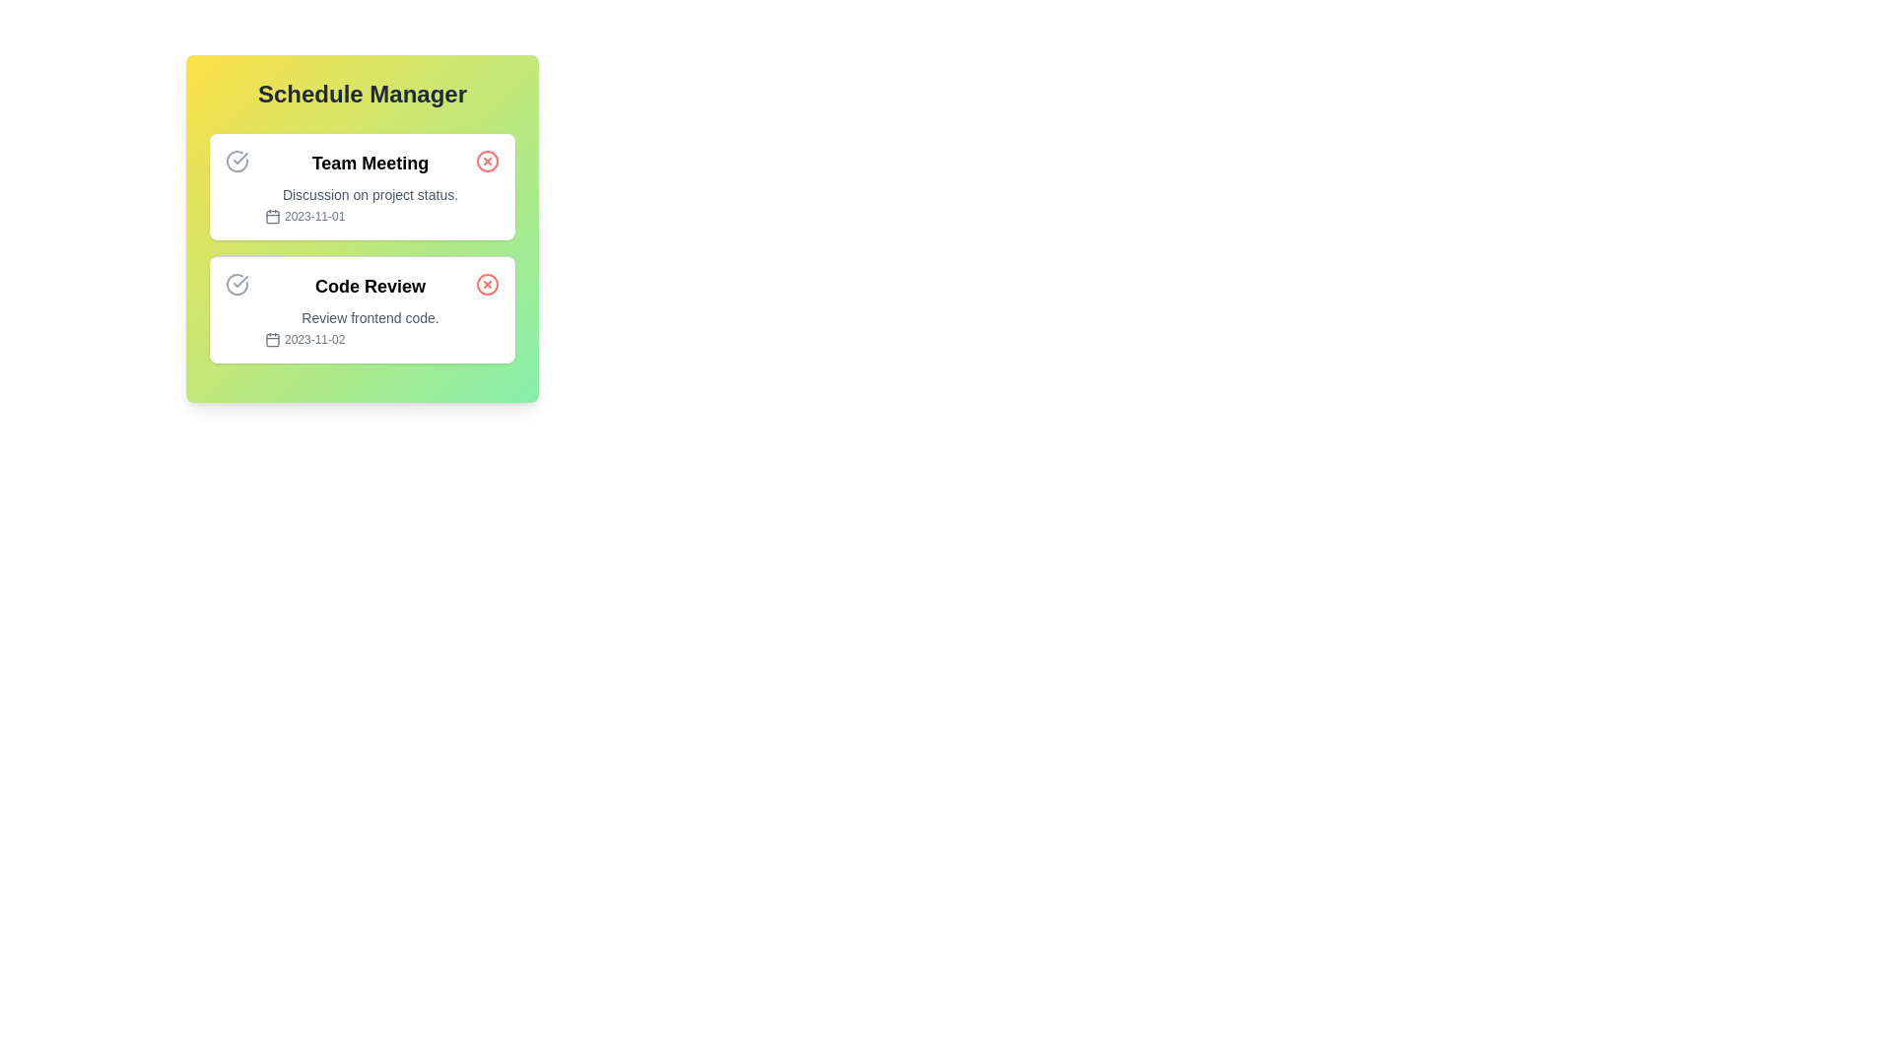 This screenshot has width=1892, height=1064. What do you see at coordinates (236, 285) in the screenshot?
I see `the SVG-based Icon located to the left of the 'Code Review' title` at bounding box center [236, 285].